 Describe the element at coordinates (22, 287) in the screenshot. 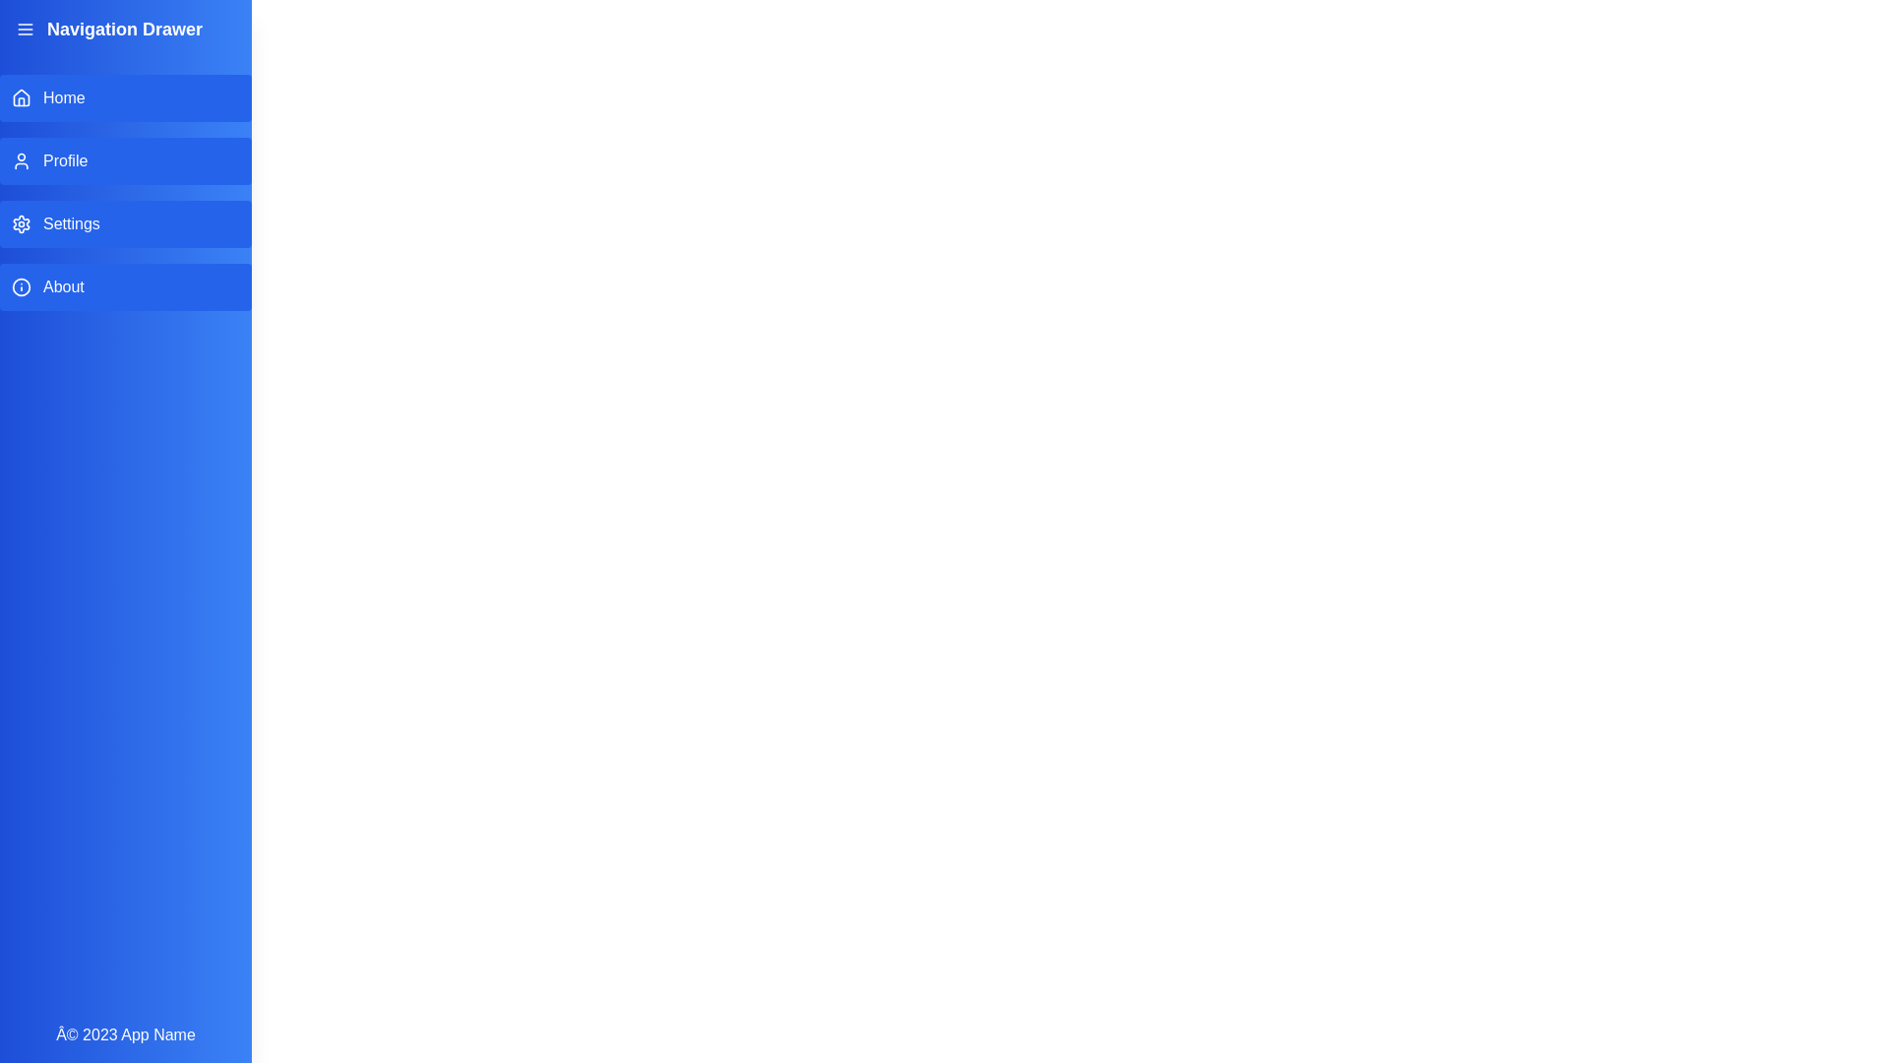

I see `the 'About' menu item icon, which is the first visual element in the left vertical navigation drawer, indicating informational content about the application` at that location.